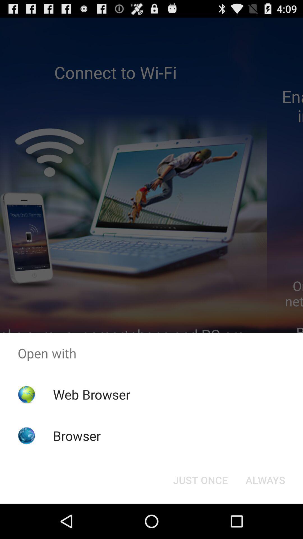  What do you see at coordinates (200, 479) in the screenshot?
I see `button at the bottom` at bounding box center [200, 479].